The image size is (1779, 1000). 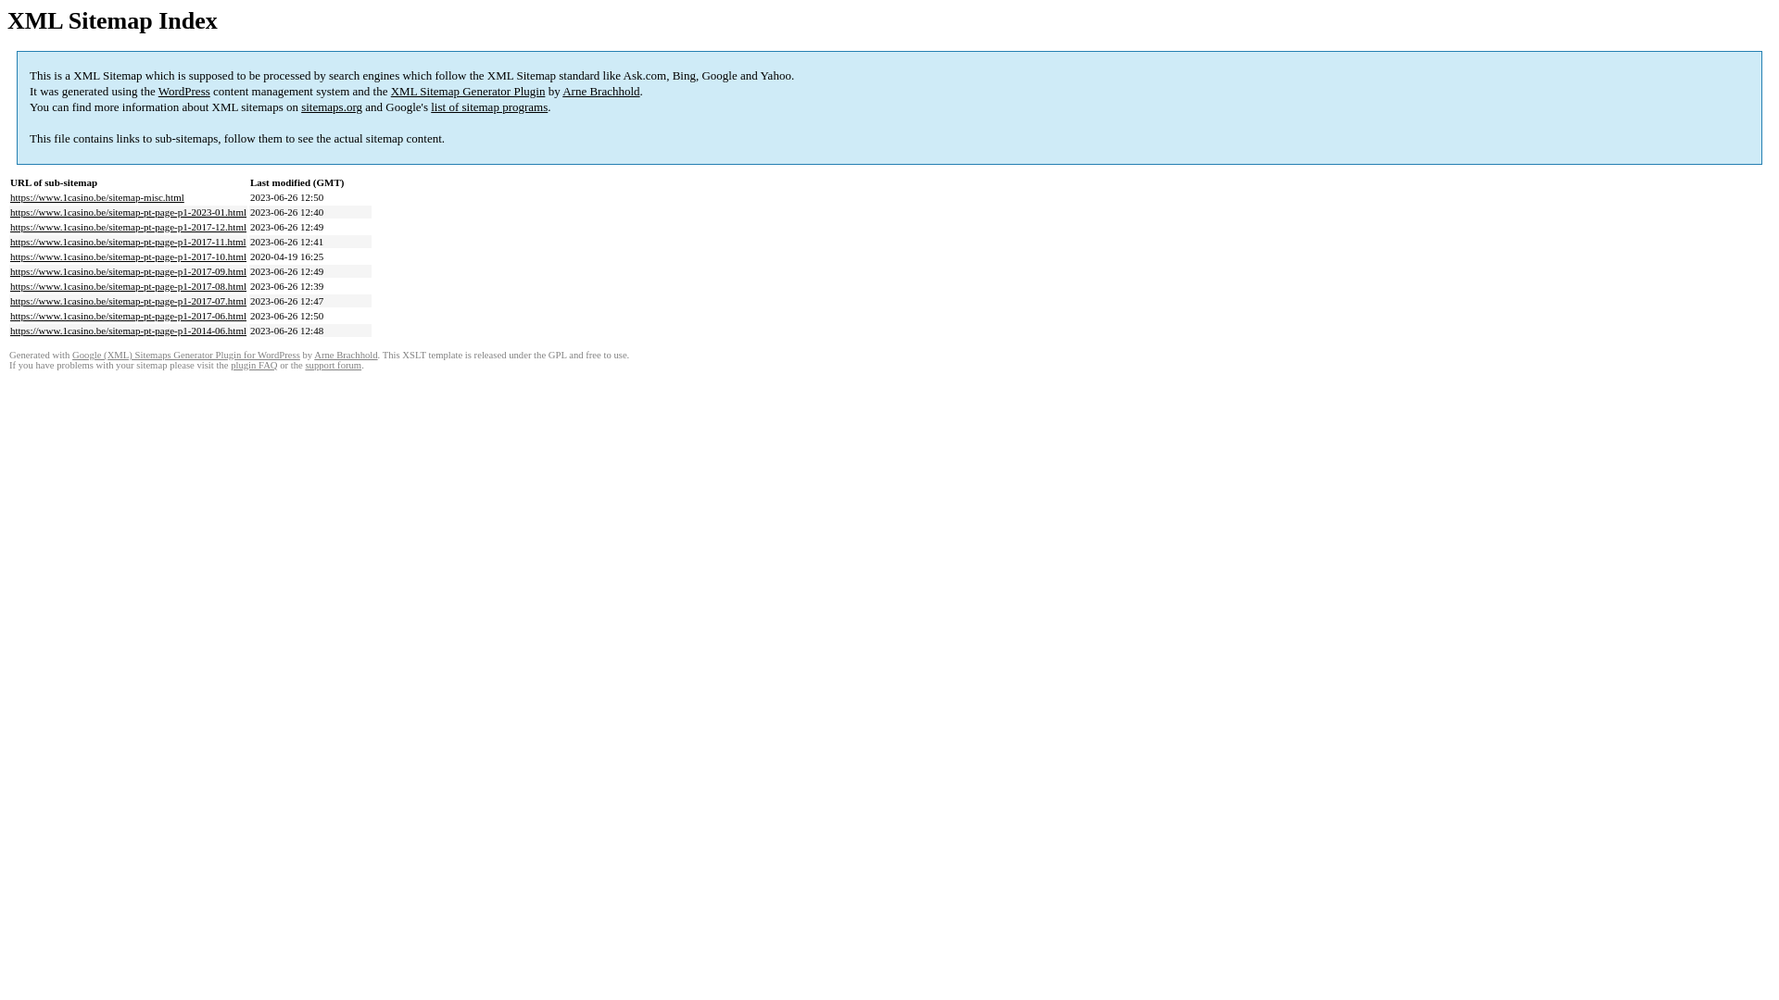 I want to click on 'list of sitemap programs', so click(x=489, y=106).